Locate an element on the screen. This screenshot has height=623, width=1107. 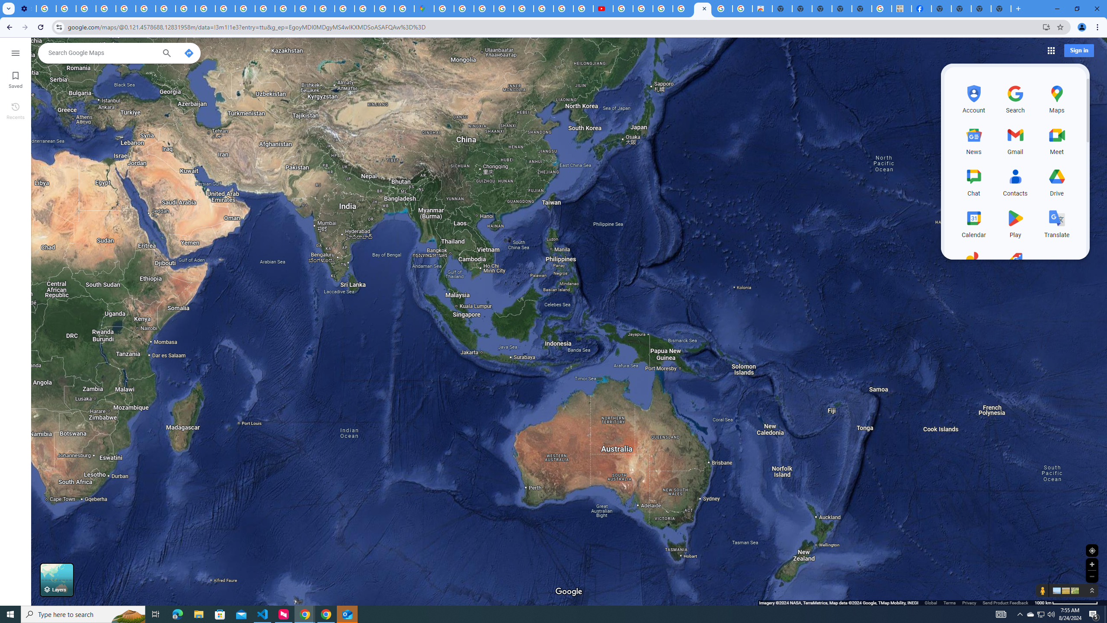
'Google Account Help' is located at coordinates (106, 8).